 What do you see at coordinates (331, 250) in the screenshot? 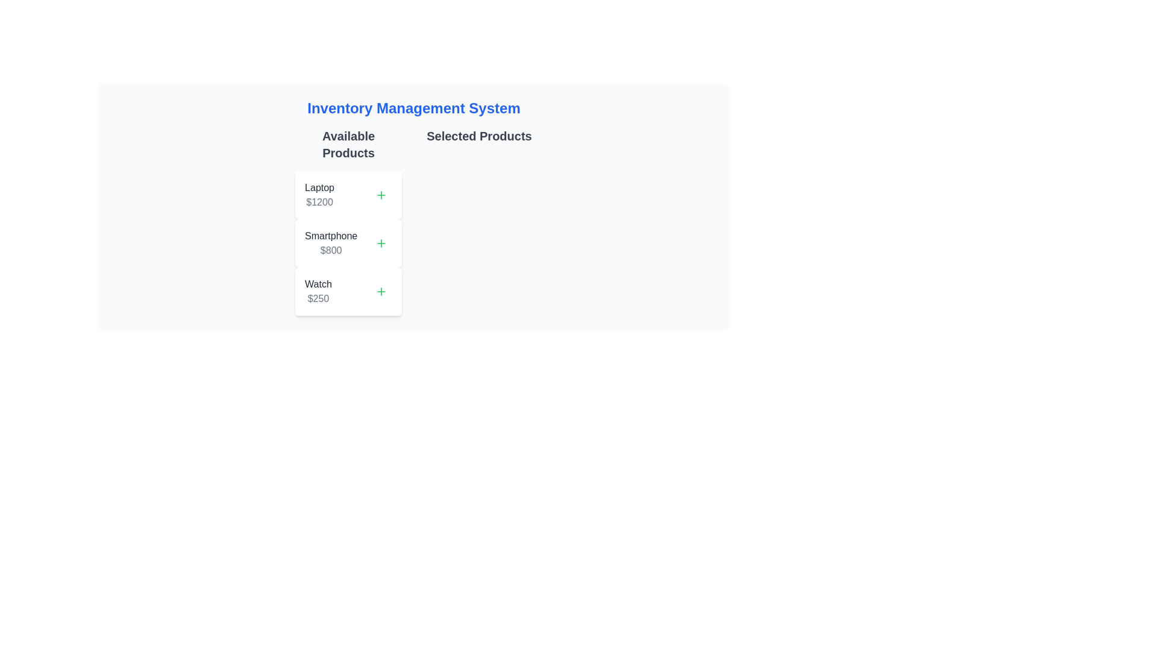
I see `the price label of the smartphone located below the 'Smartphone' text in the second row of the 'Available Products' list` at bounding box center [331, 250].